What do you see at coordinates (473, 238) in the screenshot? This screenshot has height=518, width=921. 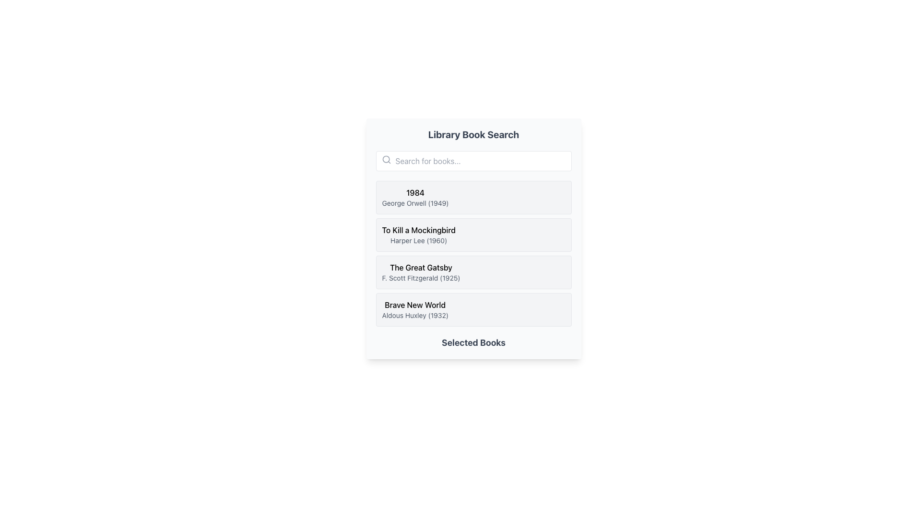 I see `the selectable book card, which is the second option in the Library Book Search panel, to focus on it` at bounding box center [473, 238].